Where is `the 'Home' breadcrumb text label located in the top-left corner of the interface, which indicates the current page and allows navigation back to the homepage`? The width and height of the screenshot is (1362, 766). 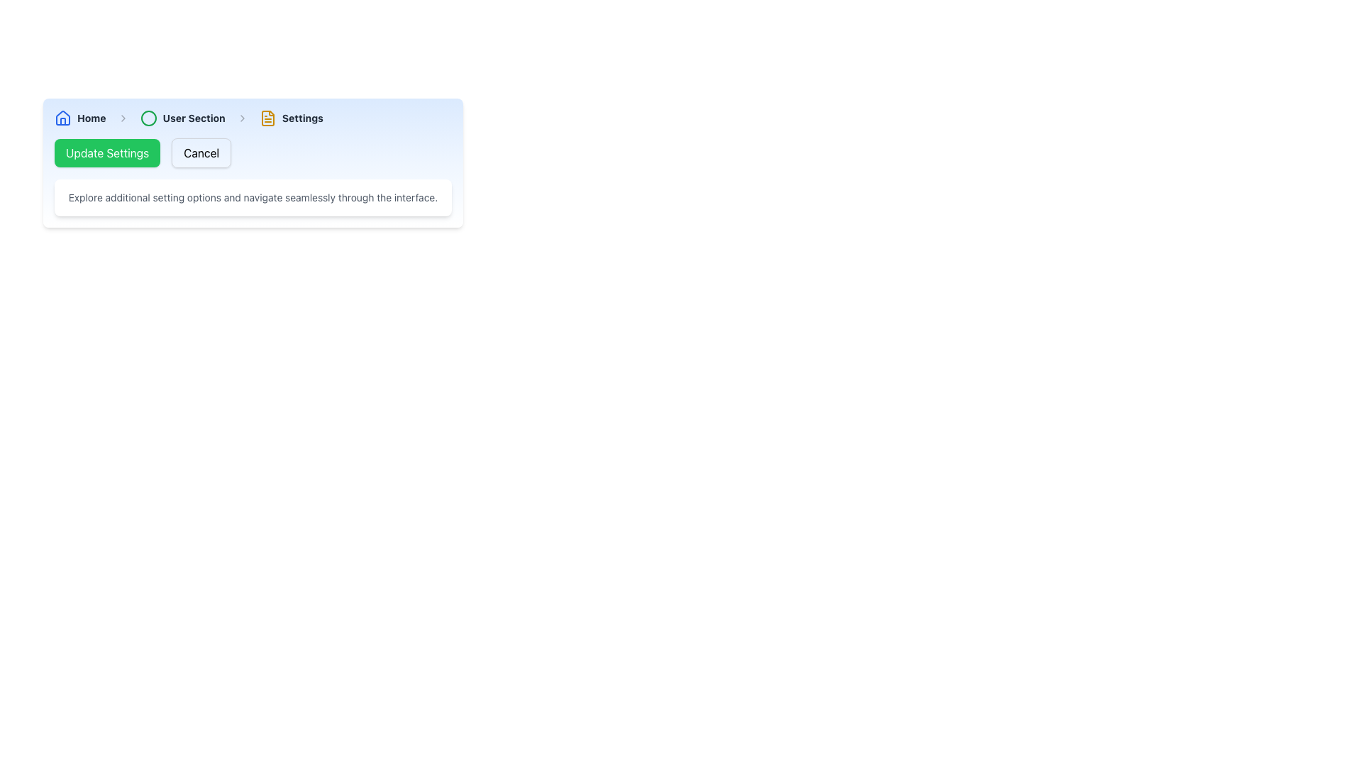
the 'Home' breadcrumb text label located in the top-left corner of the interface, which indicates the current page and allows navigation back to the homepage is located at coordinates (91, 117).